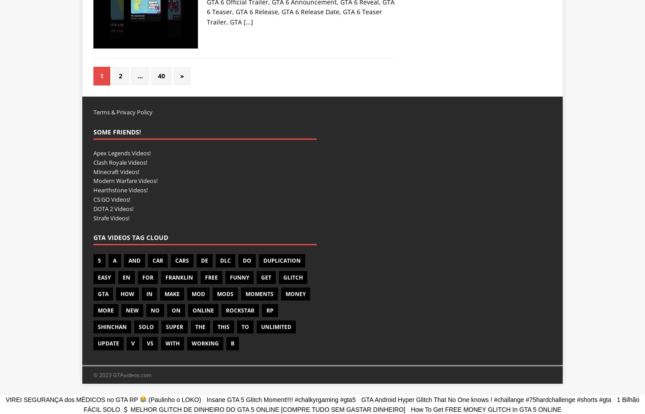 The image size is (645, 414). I want to click on 'THIS', so click(223, 327).